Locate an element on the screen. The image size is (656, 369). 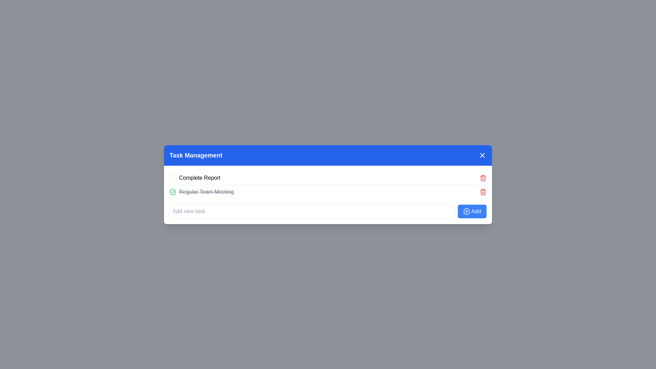
the trash icon, which is an outlined trash can located to the right of the 'Regular Team Meeting' task item is located at coordinates (483, 192).